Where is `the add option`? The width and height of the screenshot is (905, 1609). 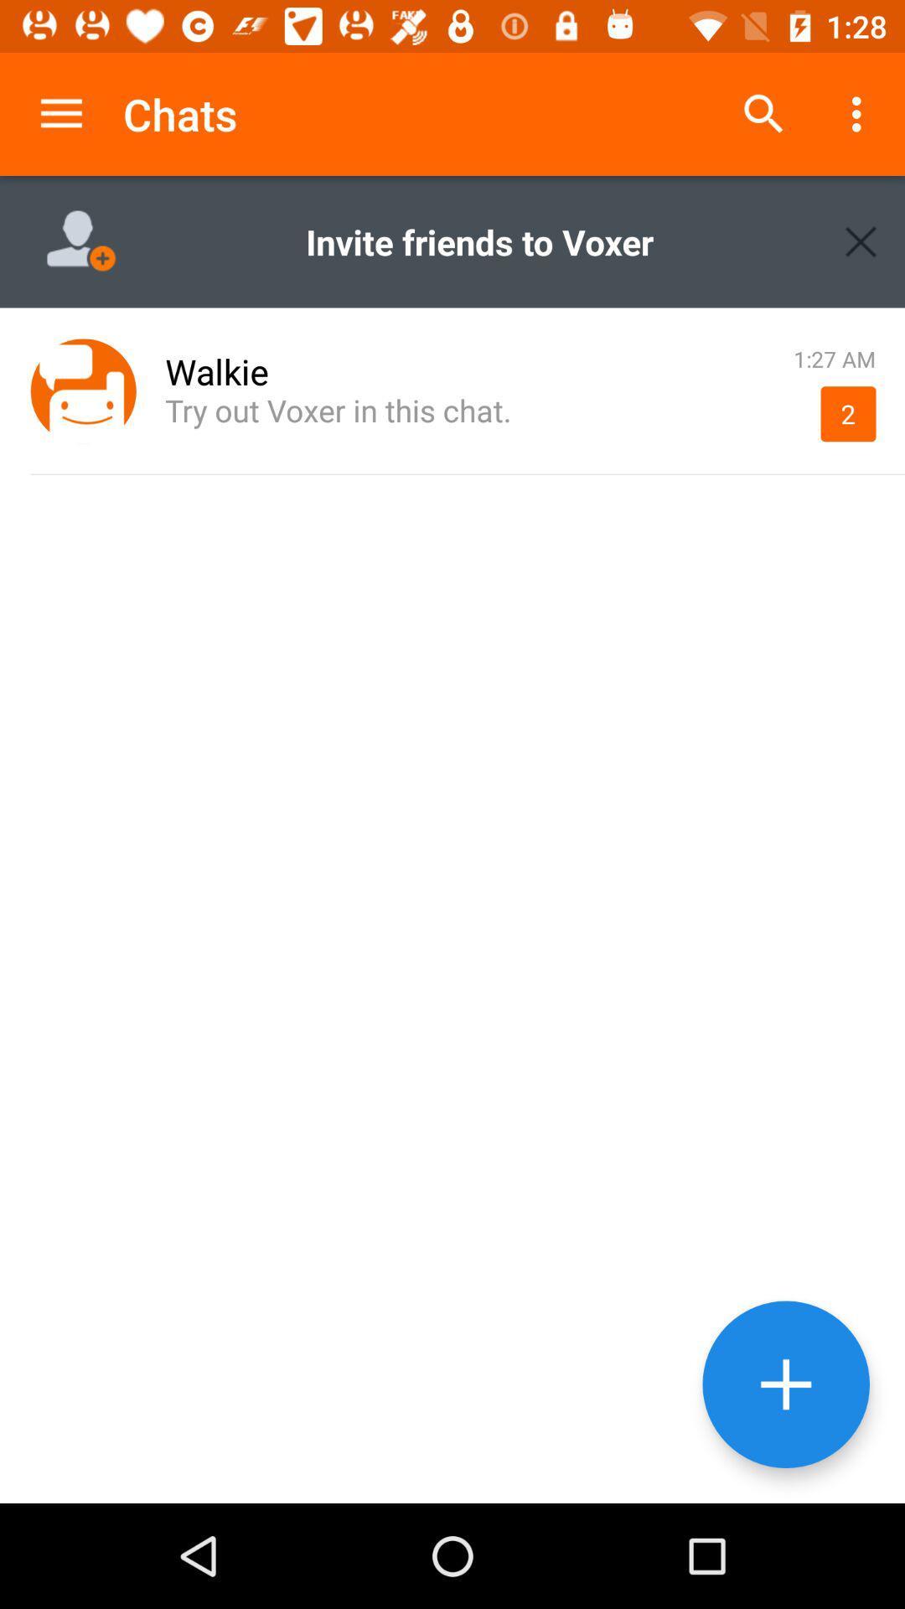 the add option is located at coordinates (786, 1384).